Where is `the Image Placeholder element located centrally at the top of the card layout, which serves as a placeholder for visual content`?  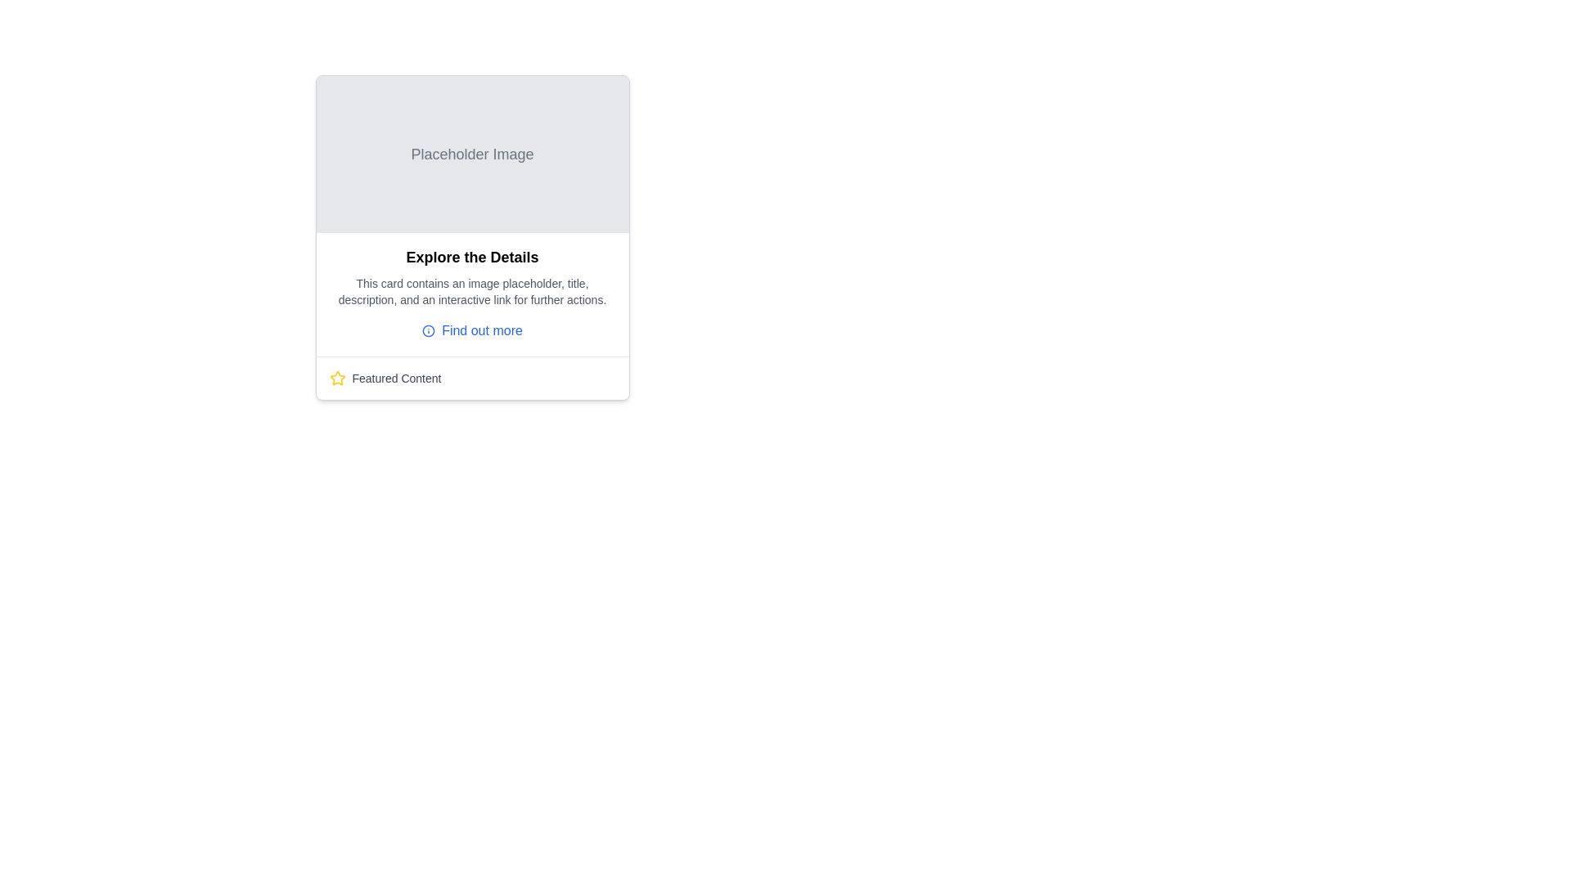
the Image Placeholder element located centrally at the top of the card layout, which serves as a placeholder for visual content is located at coordinates (471, 155).